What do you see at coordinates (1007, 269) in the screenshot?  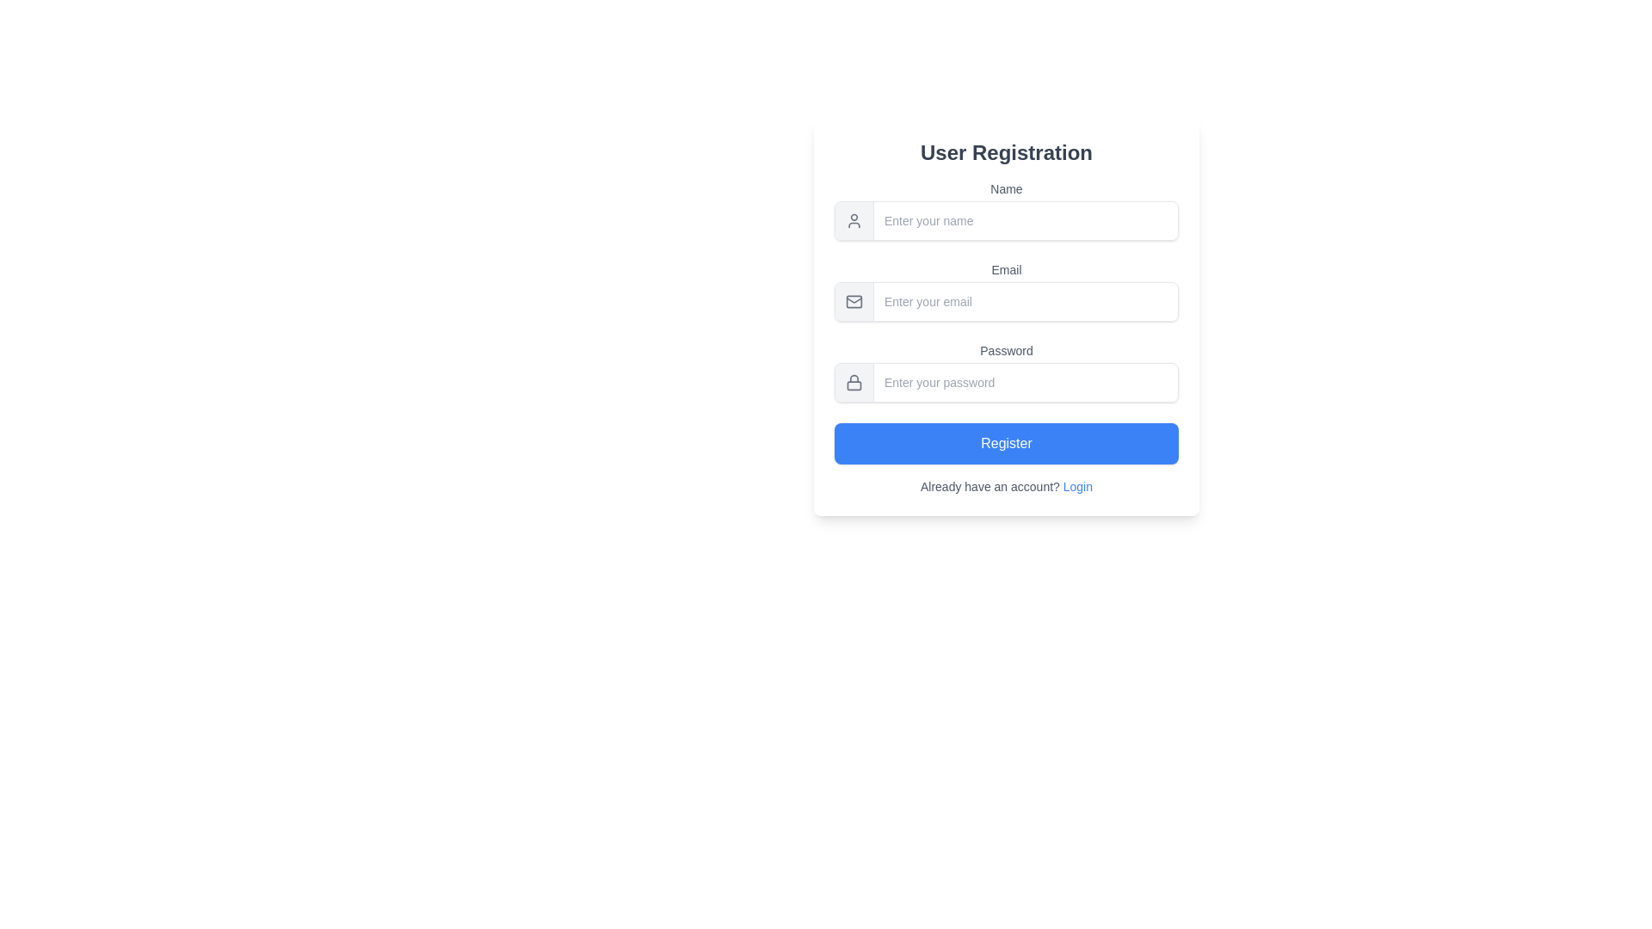 I see `the 'Email' text label, which is styled in light gray and positioned above the email input field in the form interface` at bounding box center [1007, 269].